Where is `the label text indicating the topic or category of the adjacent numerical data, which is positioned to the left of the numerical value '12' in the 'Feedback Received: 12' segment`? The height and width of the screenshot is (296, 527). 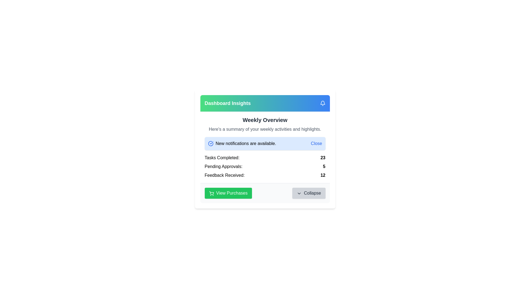
the label text indicating the topic or category of the adjacent numerical data, which is positioned to the left of the numerical value '12' in the 'Feedback Received: 12' segment is located at coordinates (225, 175).